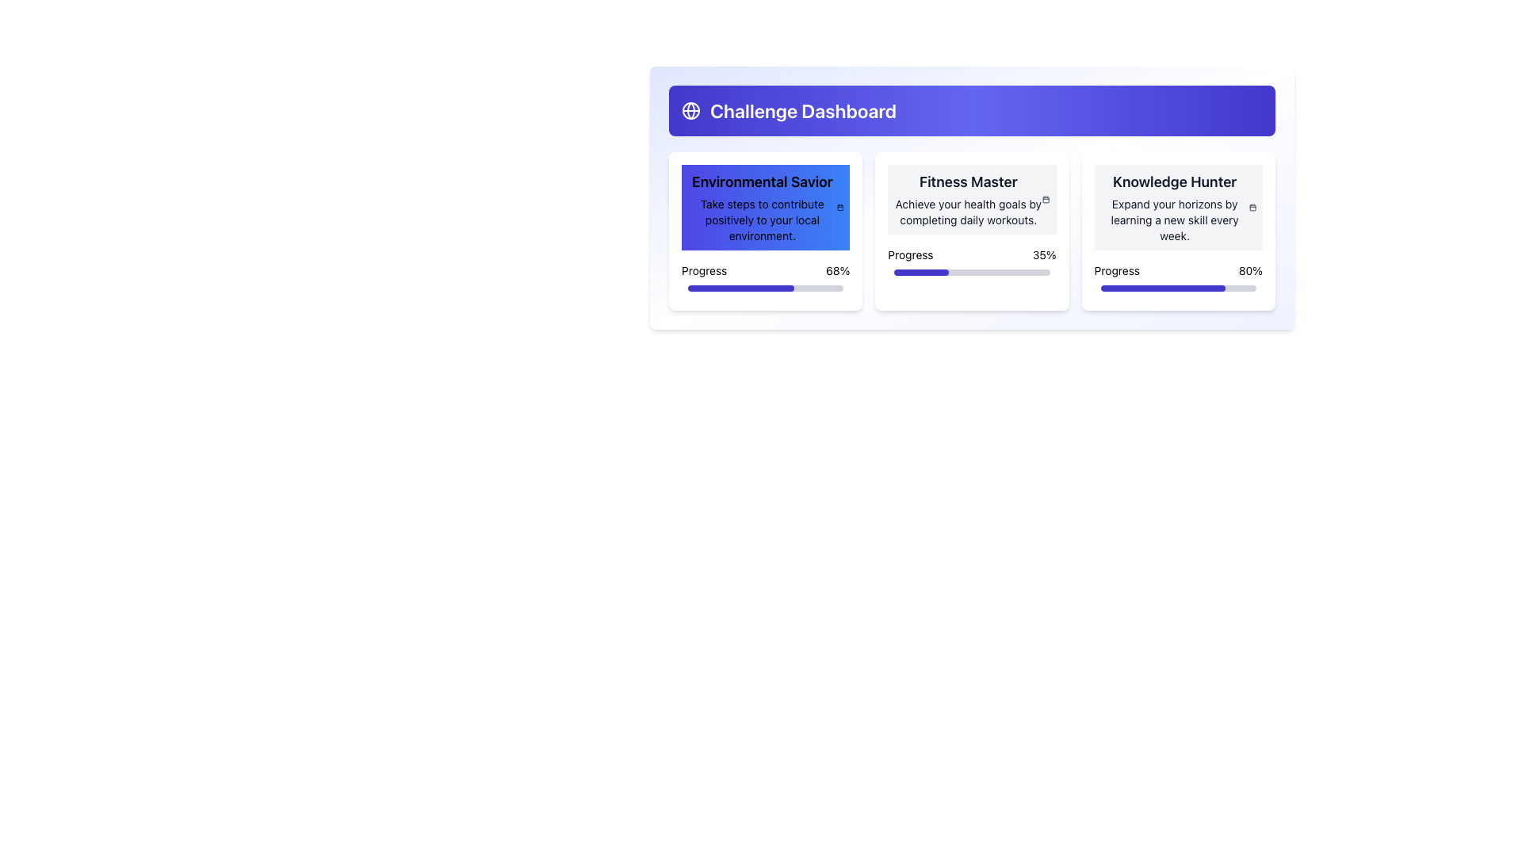  What do you see at coordinates (967, 182) in the screenshot?
I see `text label that serves as the title of the middle card in the three-card layout, which identifies the content related to fitness goals` at bounding box center [967, 182].